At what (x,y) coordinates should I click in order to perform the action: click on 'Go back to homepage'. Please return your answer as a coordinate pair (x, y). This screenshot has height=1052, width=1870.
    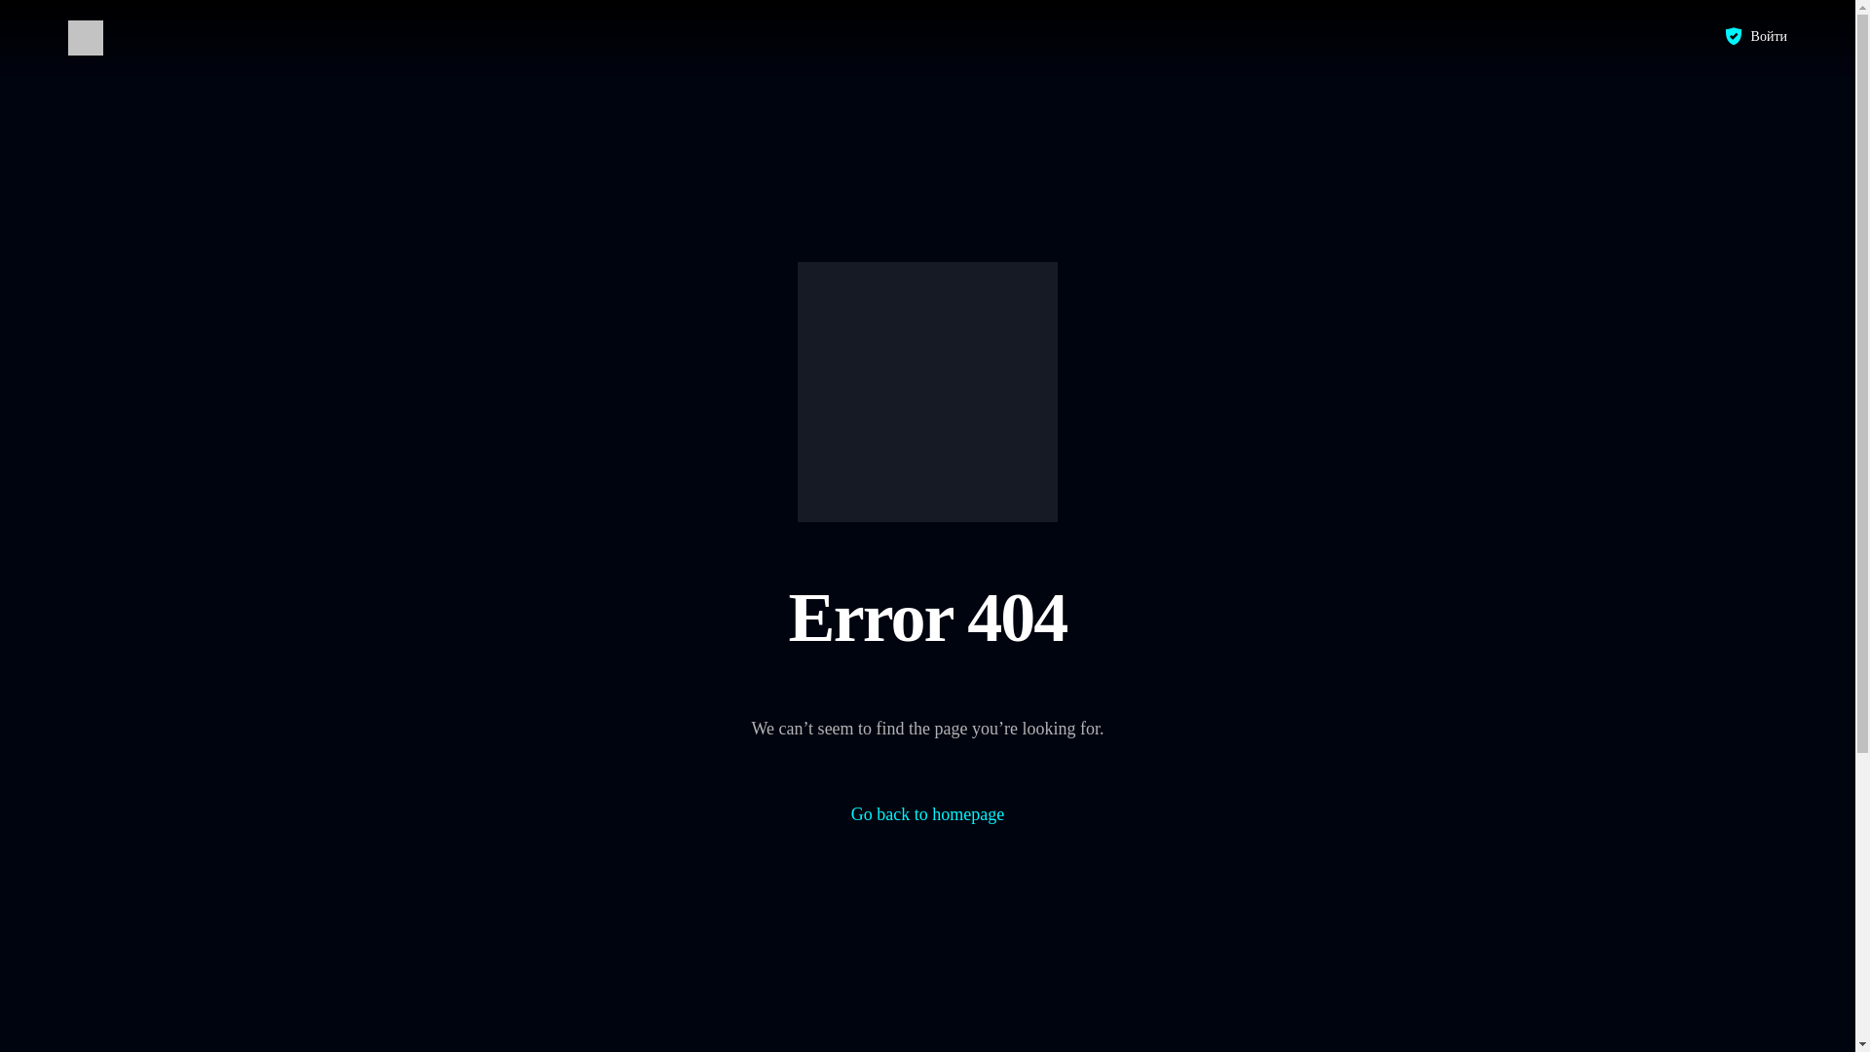
    Looking at the image, I should click on (850, 814).